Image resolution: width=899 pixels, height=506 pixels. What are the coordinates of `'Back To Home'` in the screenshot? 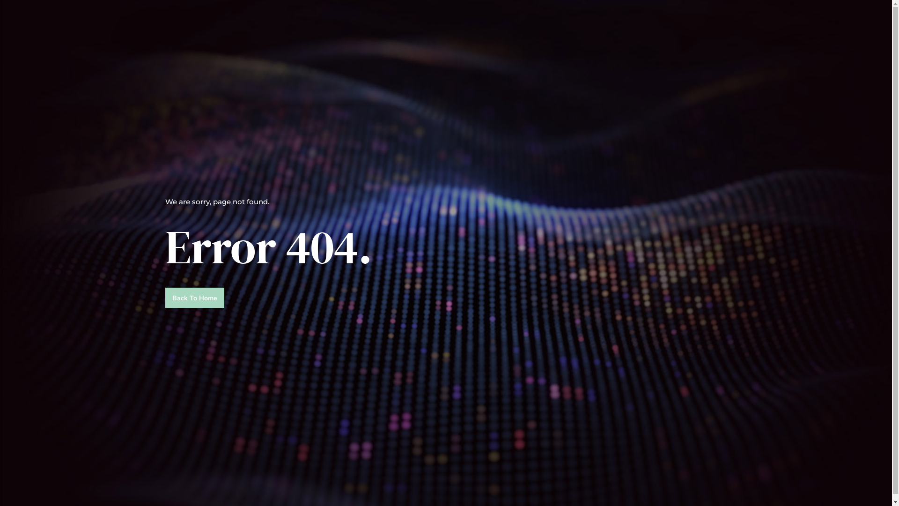 It's located at (164, 298).